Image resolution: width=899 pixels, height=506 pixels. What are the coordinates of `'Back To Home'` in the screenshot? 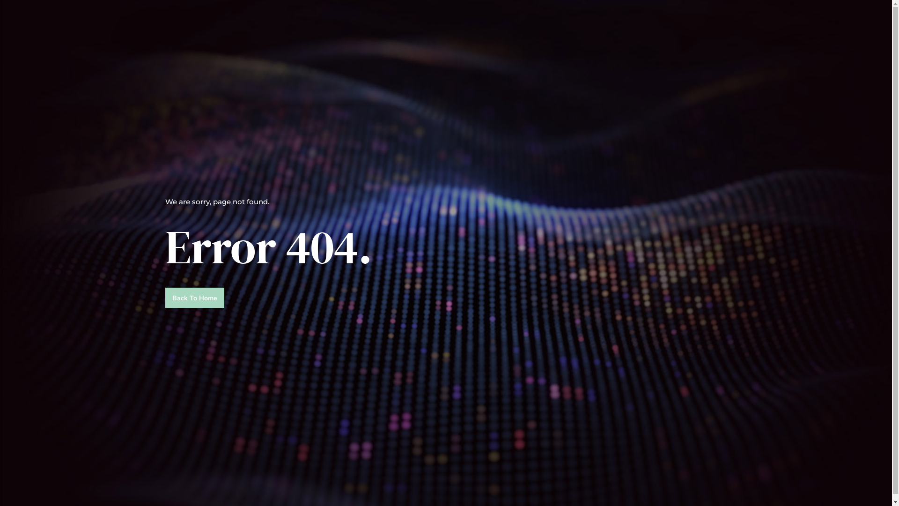 It's located at (164, 298).